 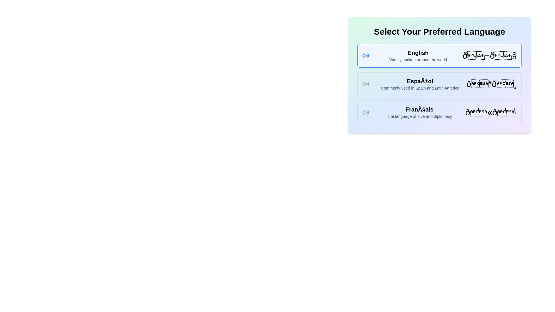 I want to click on the main label for the language 'English' located at the top of the language selection panel, which assists users in identifying their preferred language, so click(x=418, y=53).